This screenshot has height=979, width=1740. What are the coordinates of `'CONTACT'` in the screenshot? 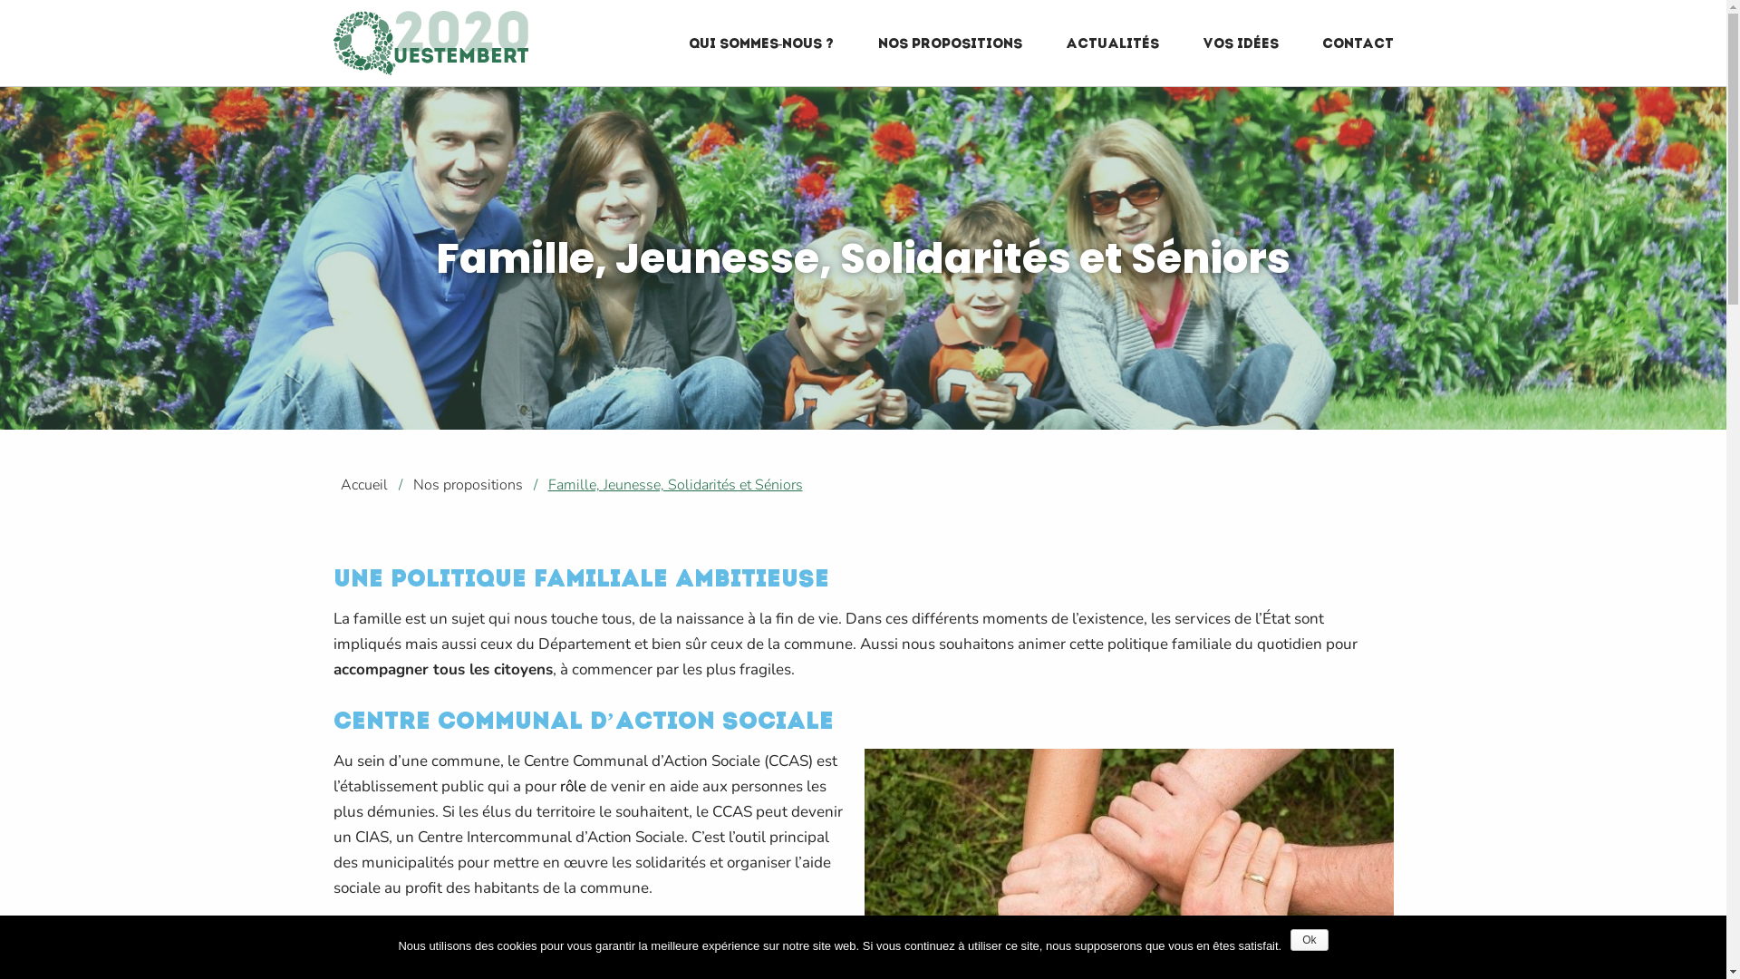 It's located at (1357, 41).